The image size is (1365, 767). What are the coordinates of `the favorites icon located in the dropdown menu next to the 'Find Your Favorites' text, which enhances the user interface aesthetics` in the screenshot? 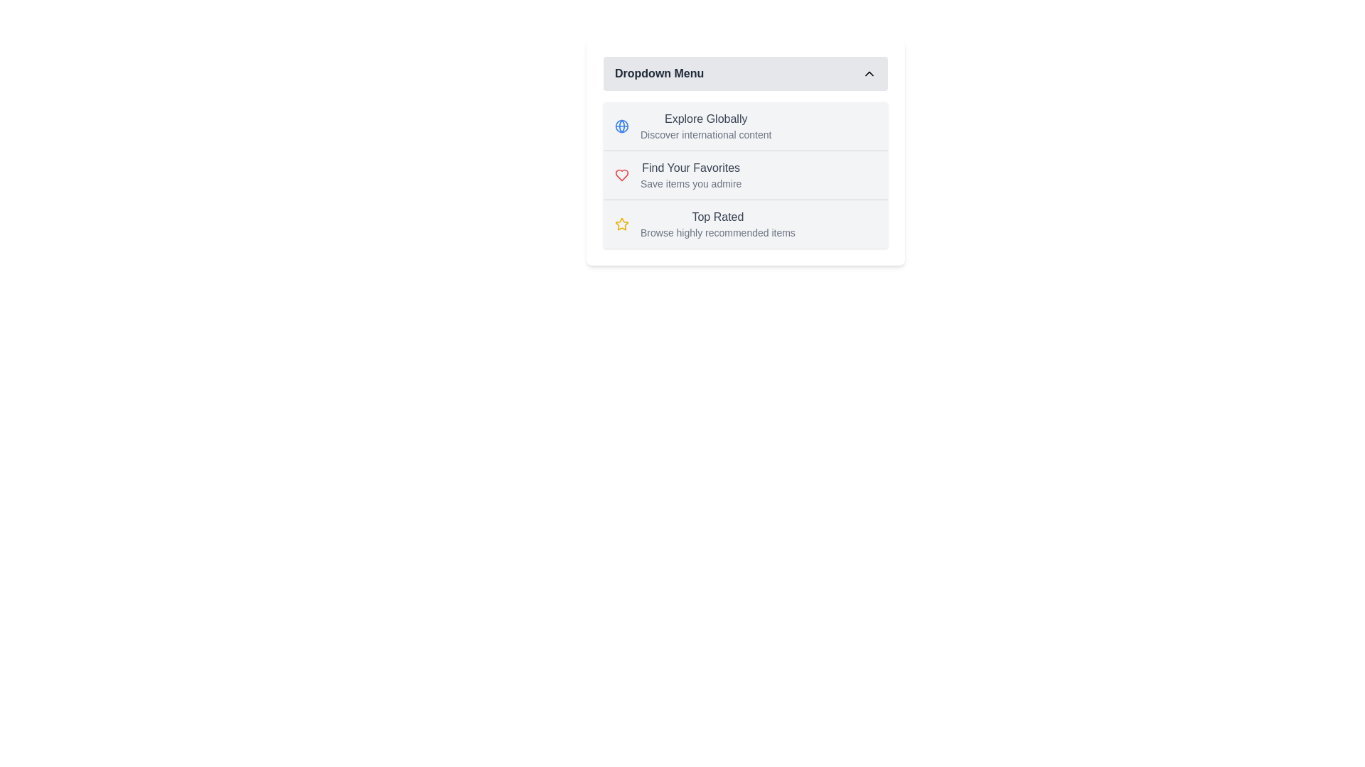 It's located at (621, 174).